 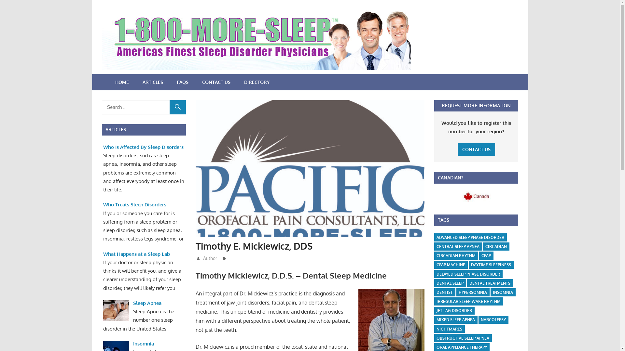 What do you see at coordinates (103, 204) in the screenshot?
I see `'Who Treats Sleep Disorders'` at bounding box center [103, 204].